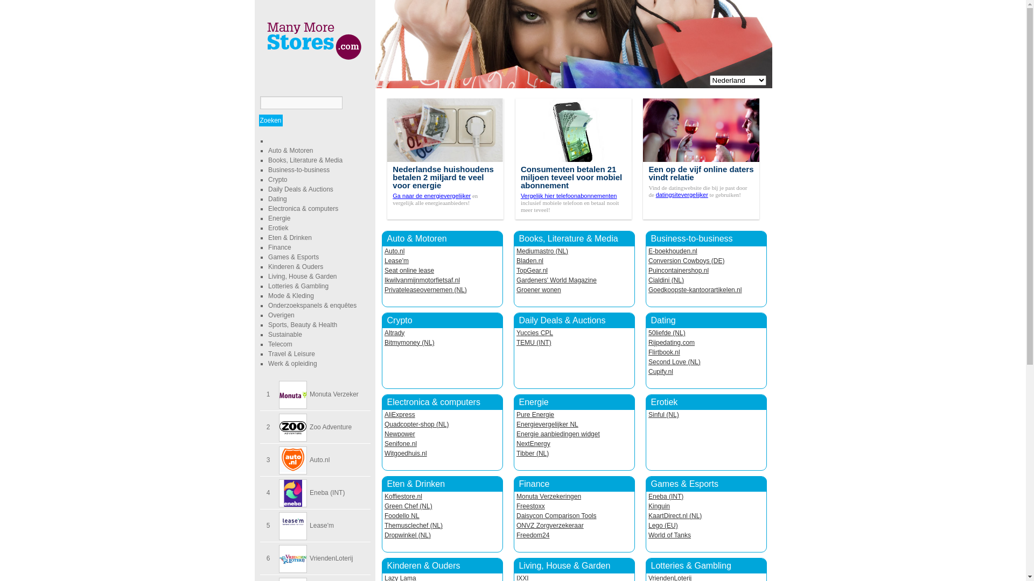  I want to click on 'Werk & opleiding', so click(292, 363).